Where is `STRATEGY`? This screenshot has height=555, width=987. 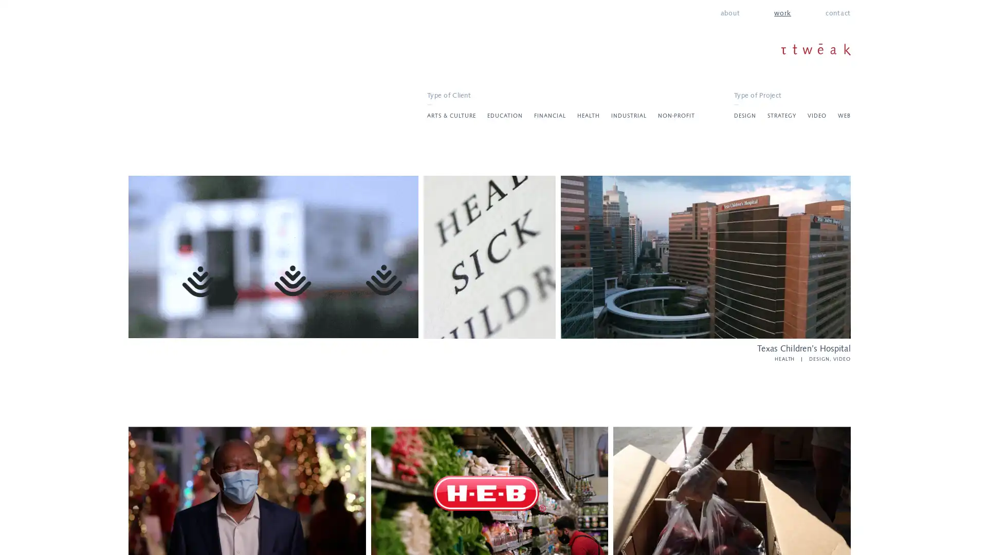
STRATEGY is located at coordinates (781, 116).